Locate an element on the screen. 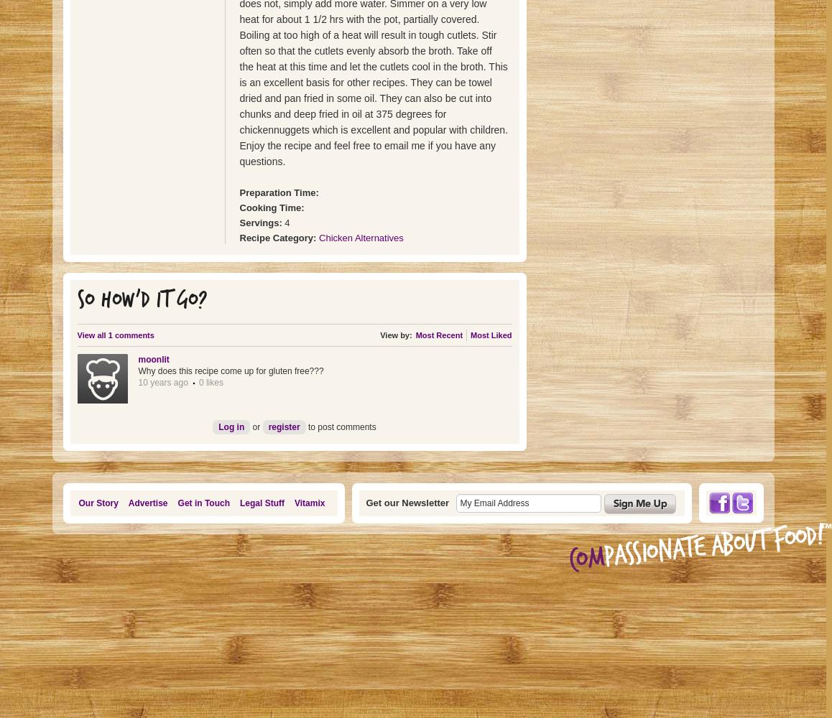  'Most Recent' is located at coordinates (438, 335).